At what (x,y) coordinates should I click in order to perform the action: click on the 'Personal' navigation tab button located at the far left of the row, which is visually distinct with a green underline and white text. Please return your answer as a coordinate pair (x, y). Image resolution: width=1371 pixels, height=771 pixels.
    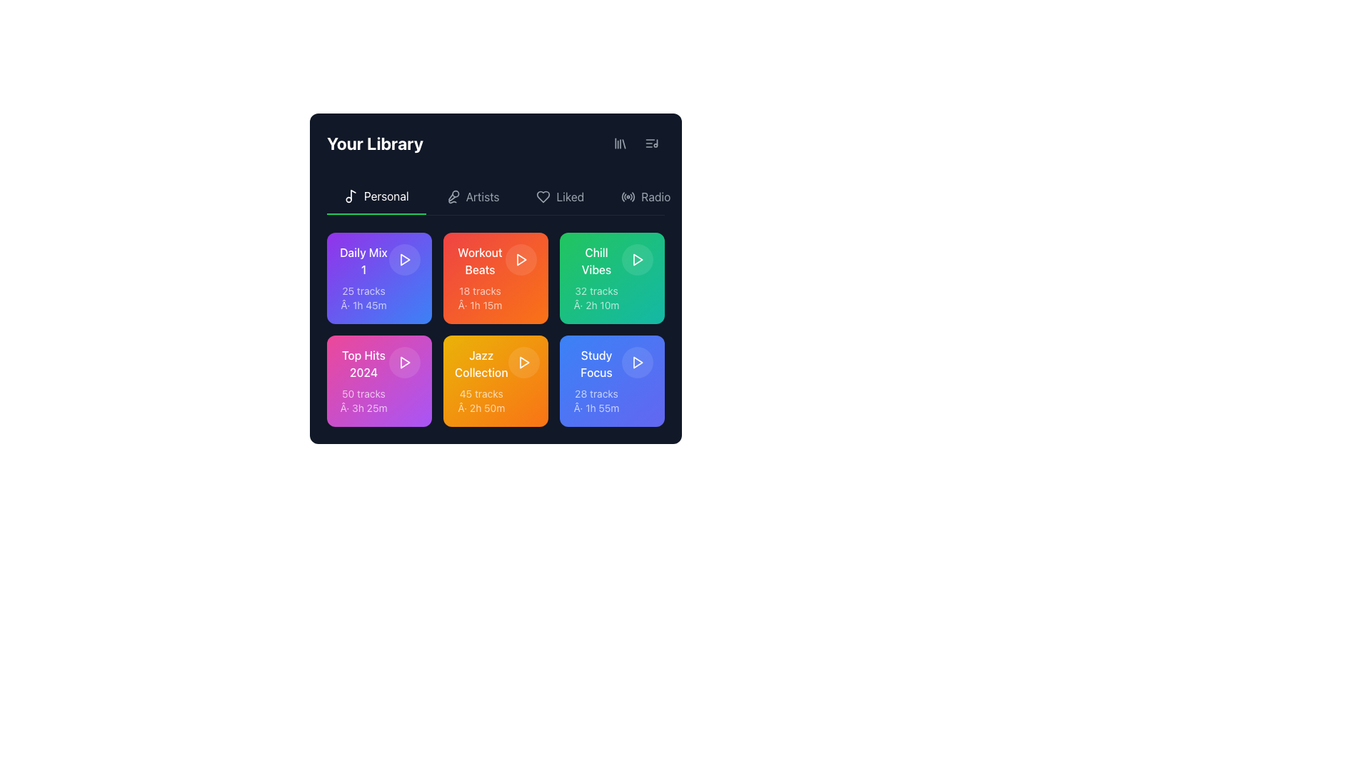
    Looking at the image, I should click on (376, 197).